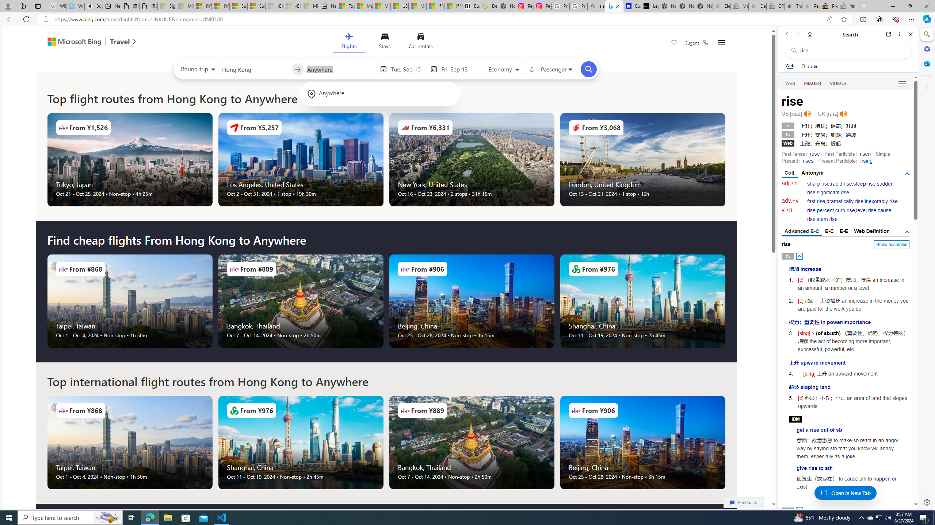 The image size is (935, 525). I want to click on 'E-E', so click(844, 231).